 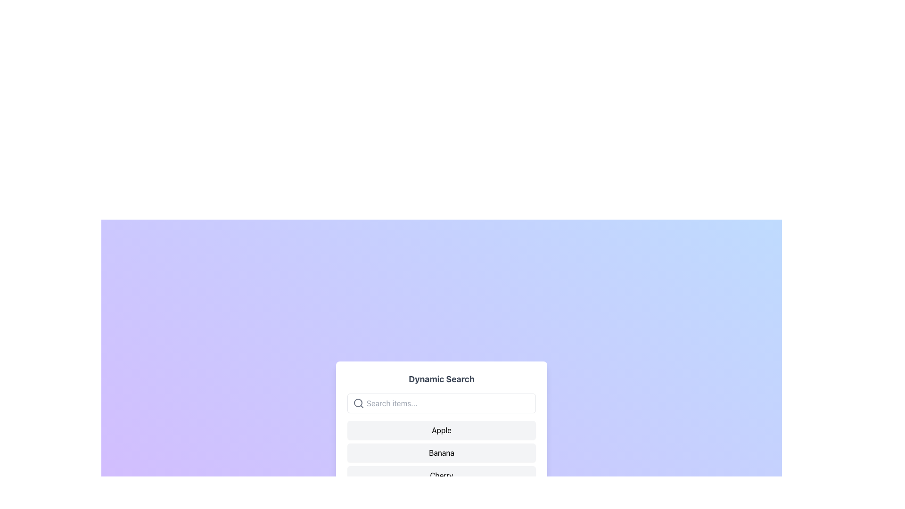 What do you see at coordinates (441, 379) in the screenshot?
I see `the bold text label reading 'Dynamic Search', which is prominently styled in large gray font at the upper-center of the card interface` at bounding box center [441, 379].